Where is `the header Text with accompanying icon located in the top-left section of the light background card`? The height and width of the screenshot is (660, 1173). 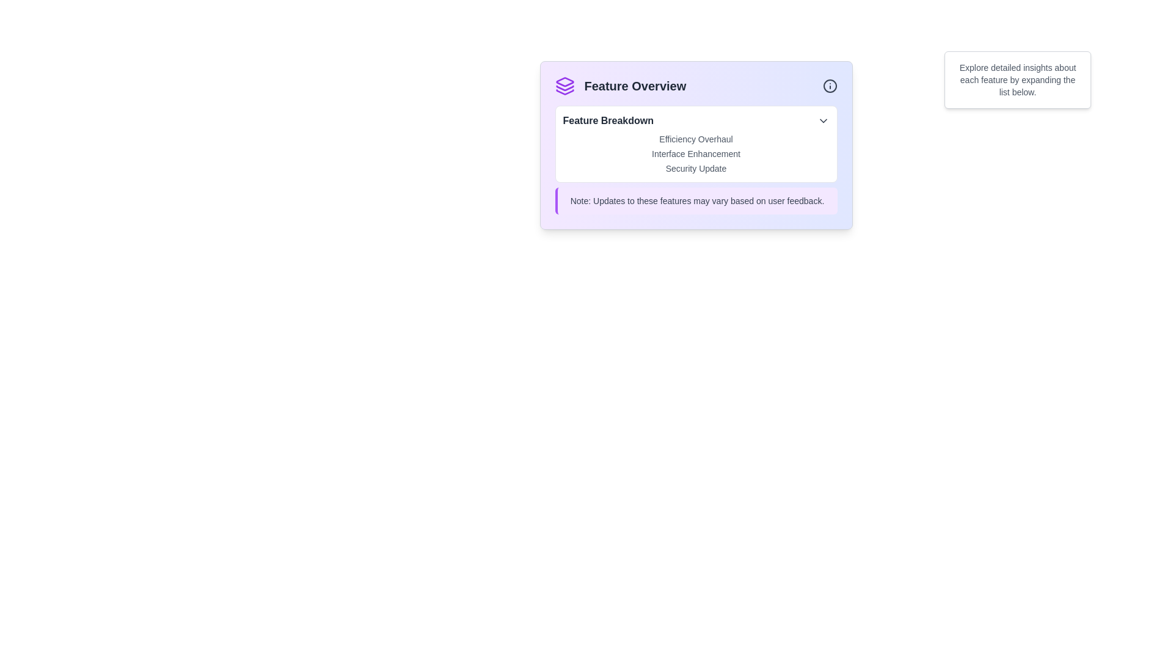 the header Text with accompanying icon located in the top-left section of the light background card is located at coordinates (620, 86).